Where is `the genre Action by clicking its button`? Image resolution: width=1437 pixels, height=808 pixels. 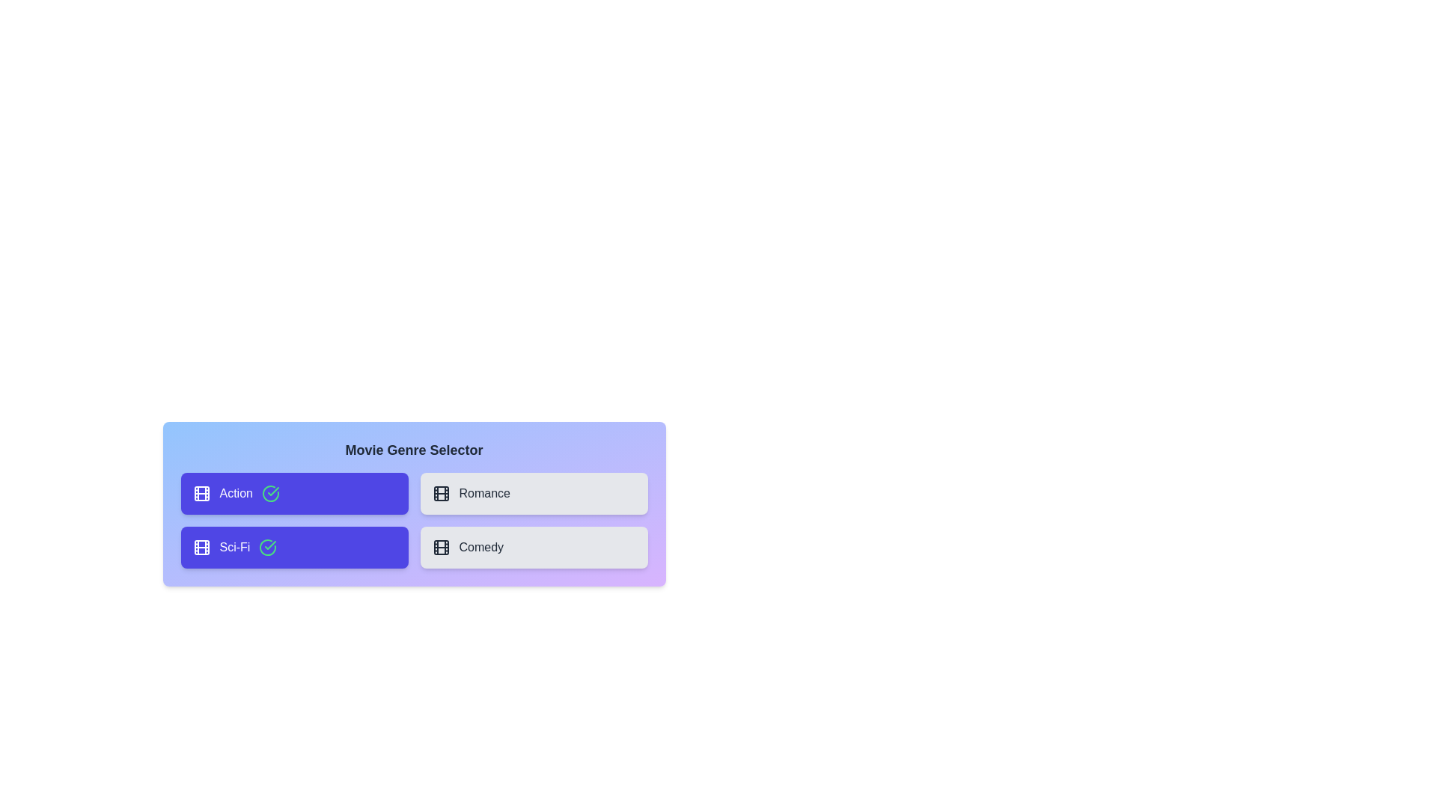 the genre Action by clicking its button is located at coordinates (294, 493).